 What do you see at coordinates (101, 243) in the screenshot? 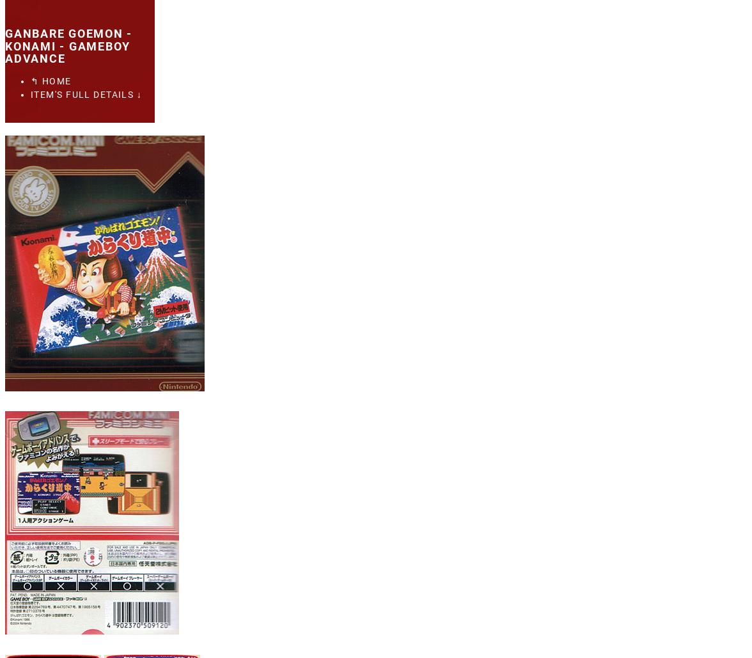
I see `'Super CD ROM'` at bounding box center [101, 243].